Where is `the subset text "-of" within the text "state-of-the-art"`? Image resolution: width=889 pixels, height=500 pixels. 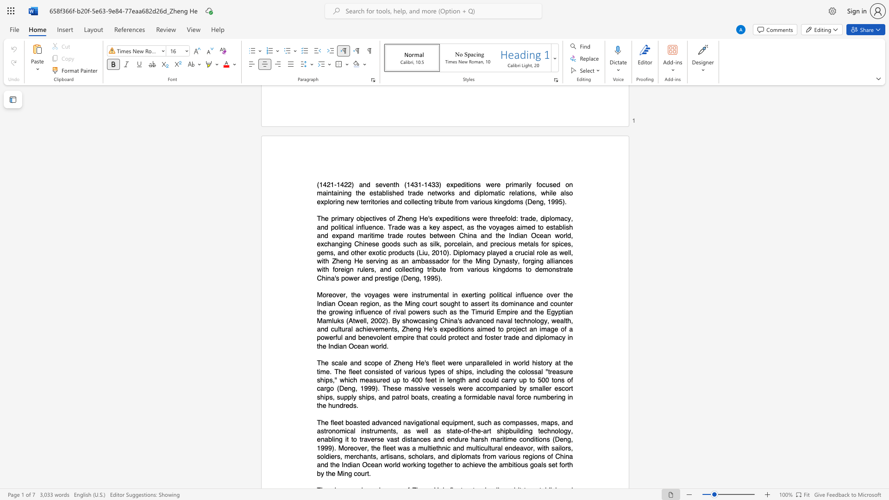 the subset text "-of" within the text "state-of-the-art" is located at coordinates (461, 431).